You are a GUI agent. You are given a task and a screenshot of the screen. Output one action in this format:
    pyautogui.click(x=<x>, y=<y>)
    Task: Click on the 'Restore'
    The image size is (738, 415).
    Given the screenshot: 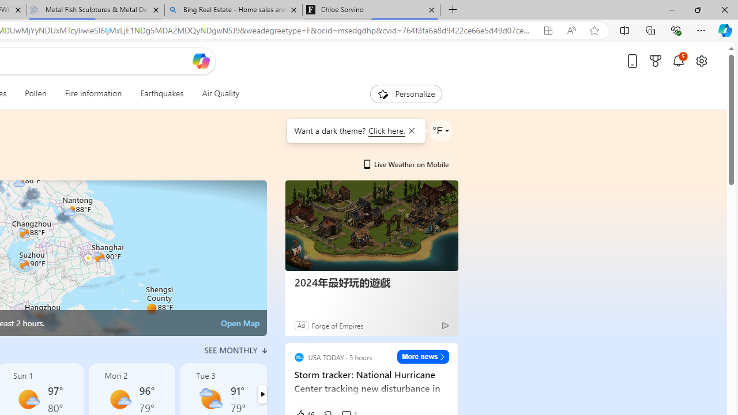 What is the action you would take?
    pyautogui.click(x=697, y=9)
    